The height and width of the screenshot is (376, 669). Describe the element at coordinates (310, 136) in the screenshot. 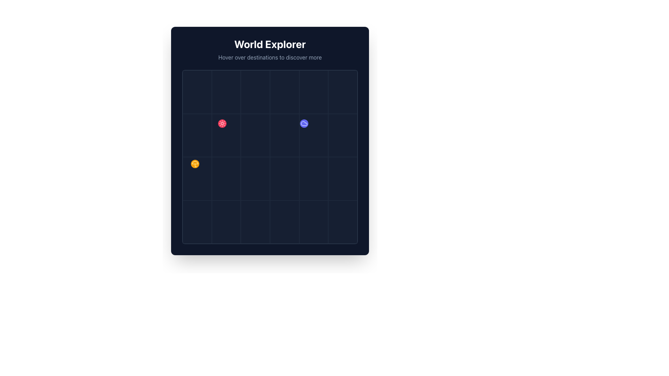

I see `the button located` at that location.